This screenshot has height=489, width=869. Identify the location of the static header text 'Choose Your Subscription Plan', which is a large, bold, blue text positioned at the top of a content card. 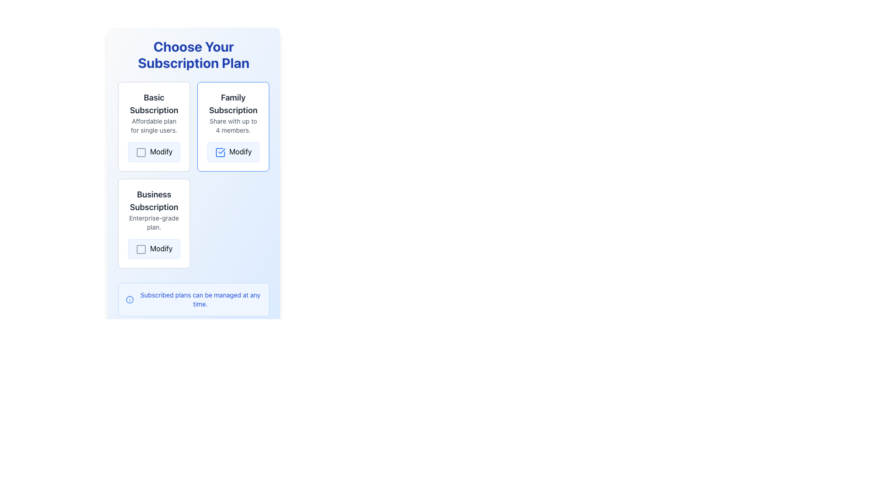
(193, 54).